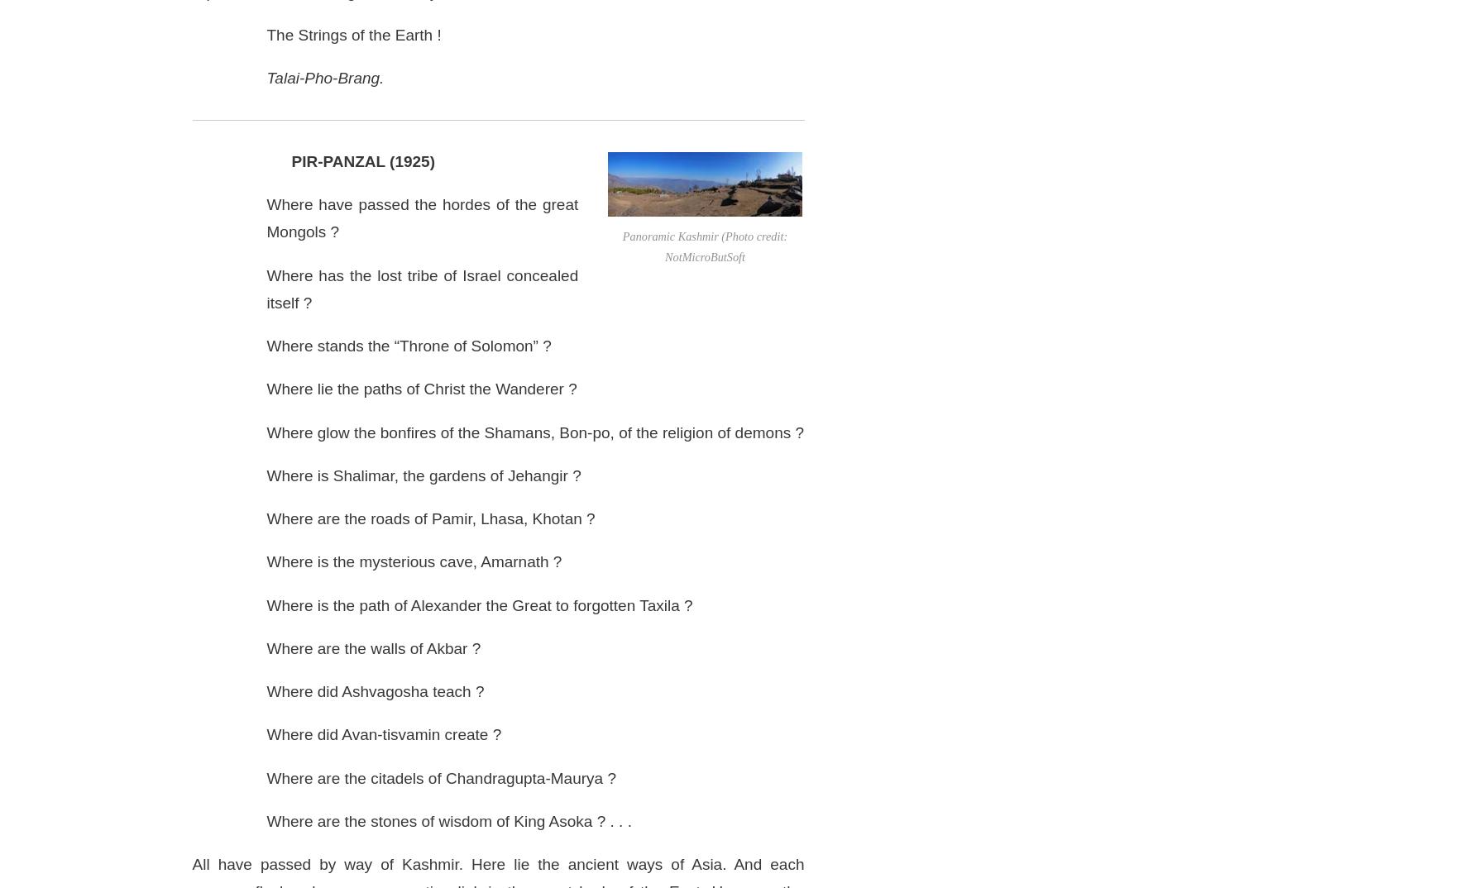 The width and height of the screenshot is (1474, 888). I want to click on 'Where have passed the hordes of the great Mongols ?', so click(421, 217).